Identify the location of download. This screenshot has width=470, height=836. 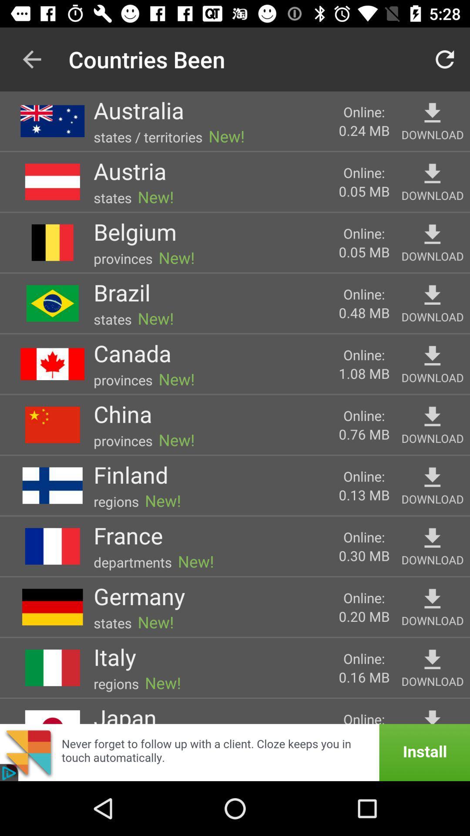
(432, 295).